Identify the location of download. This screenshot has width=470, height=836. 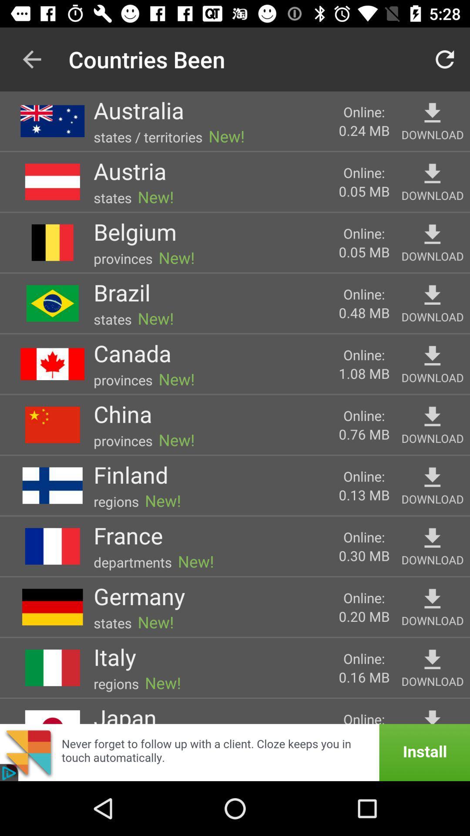
(432, 295).